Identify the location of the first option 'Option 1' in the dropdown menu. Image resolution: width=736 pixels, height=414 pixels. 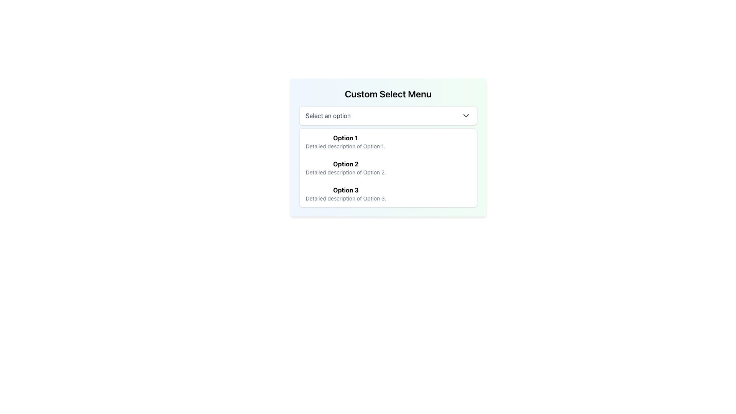
(388, 142).